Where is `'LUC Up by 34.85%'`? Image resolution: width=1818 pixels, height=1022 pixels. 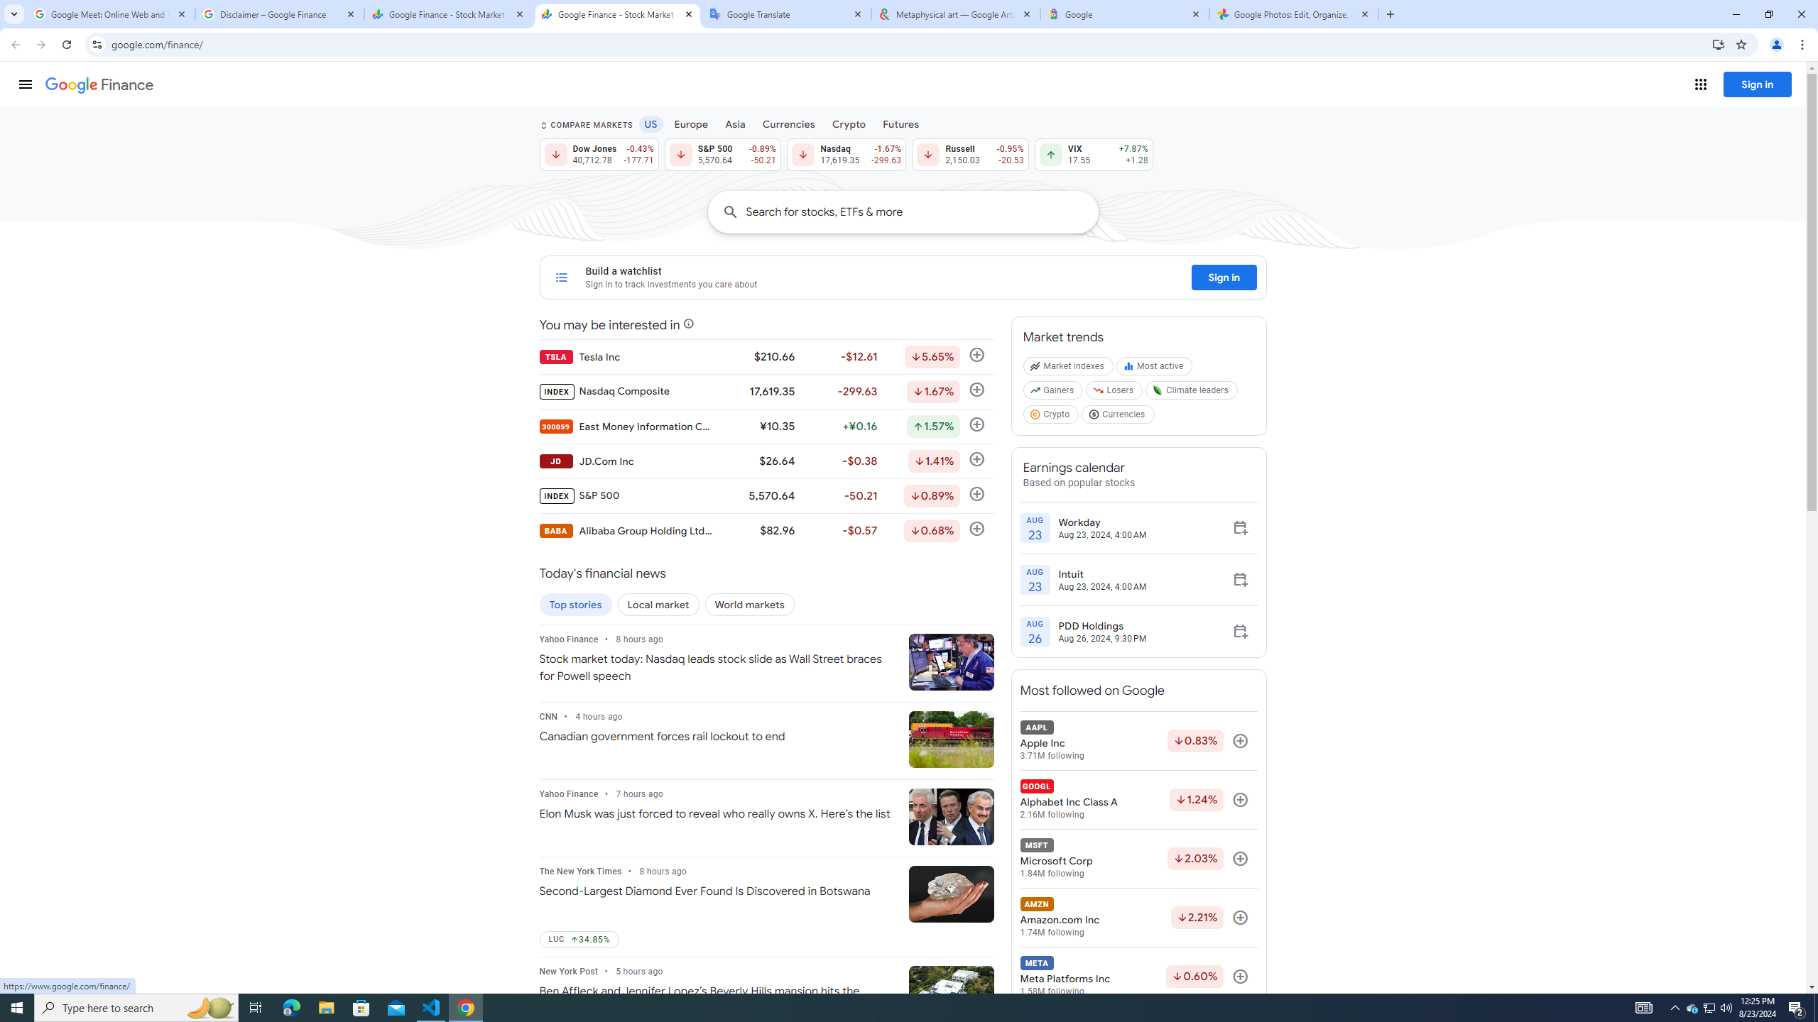 'LUC Up by 34.85%' is located at coordinates (579, 940).